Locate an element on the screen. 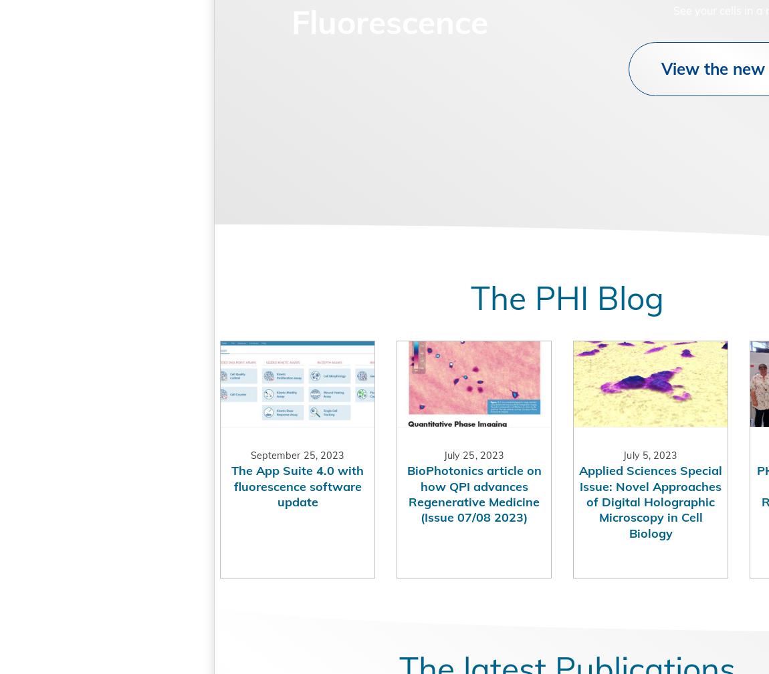  'September 25, 2023' is located at coordinates (232, 484).